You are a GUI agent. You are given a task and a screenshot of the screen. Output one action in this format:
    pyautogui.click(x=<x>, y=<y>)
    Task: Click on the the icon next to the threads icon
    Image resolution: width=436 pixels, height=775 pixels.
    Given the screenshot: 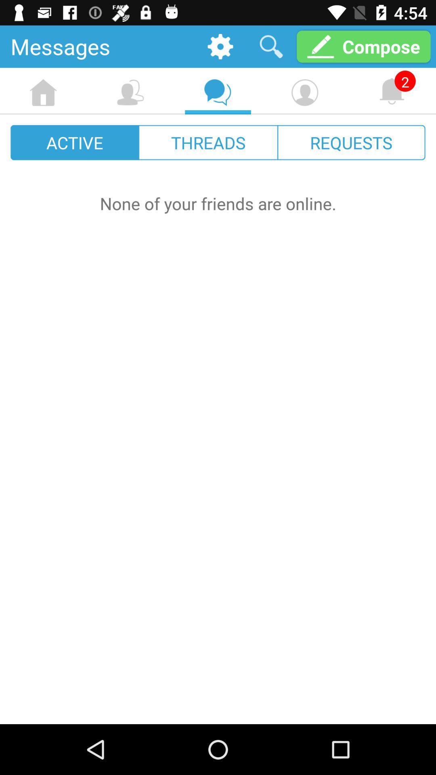 What is the action you would take?
    pyautogui.click(x=75, y=142)
    